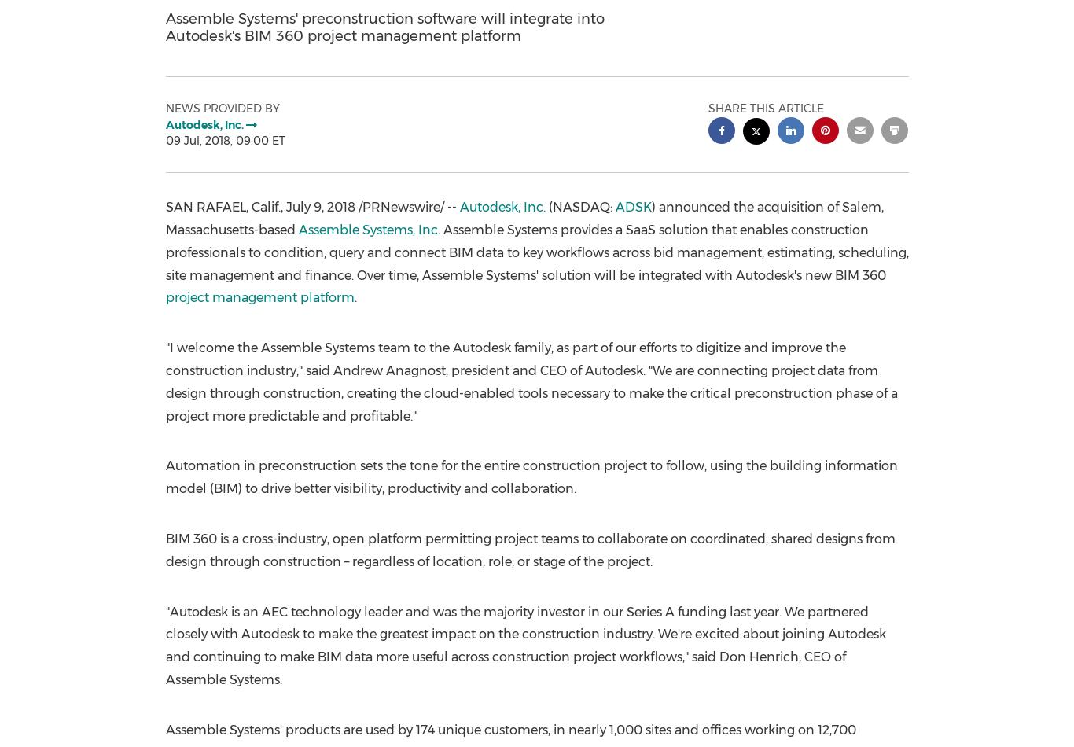  What do you see at coordinates (535, 251) in the screenshot?
I see `'. Assemble Systems provides a SaaS solution that enables construction professionals to condition, query and connect BIM data to key workflows across bid management, estimating, scheduling, site management and finance. Over time, Assemble Systems' solution will be integrated with Autodesk's new BIM 360'` at bounding box center [535, 251].